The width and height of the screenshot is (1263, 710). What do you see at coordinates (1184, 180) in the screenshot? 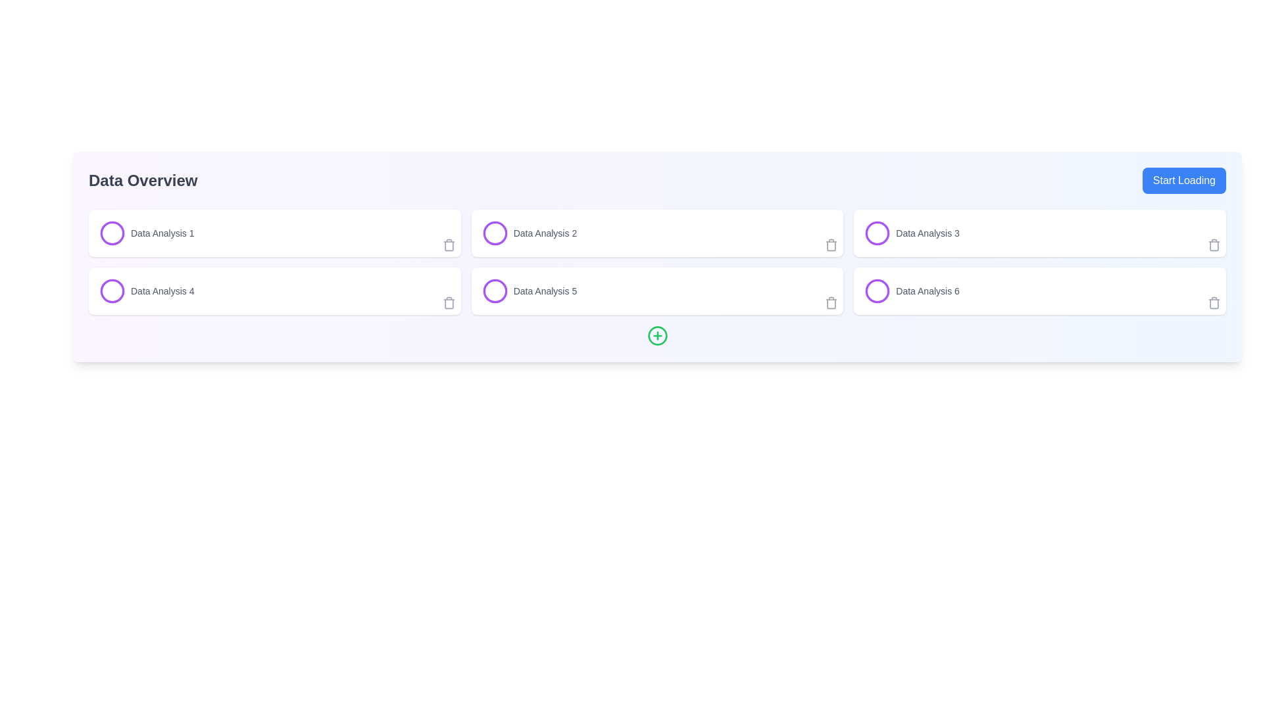
I see `the blue rectangular button labeled 'Start Loading' in the top-right corner of the 'Data Overview' section` at bounding box center [1184, 180].